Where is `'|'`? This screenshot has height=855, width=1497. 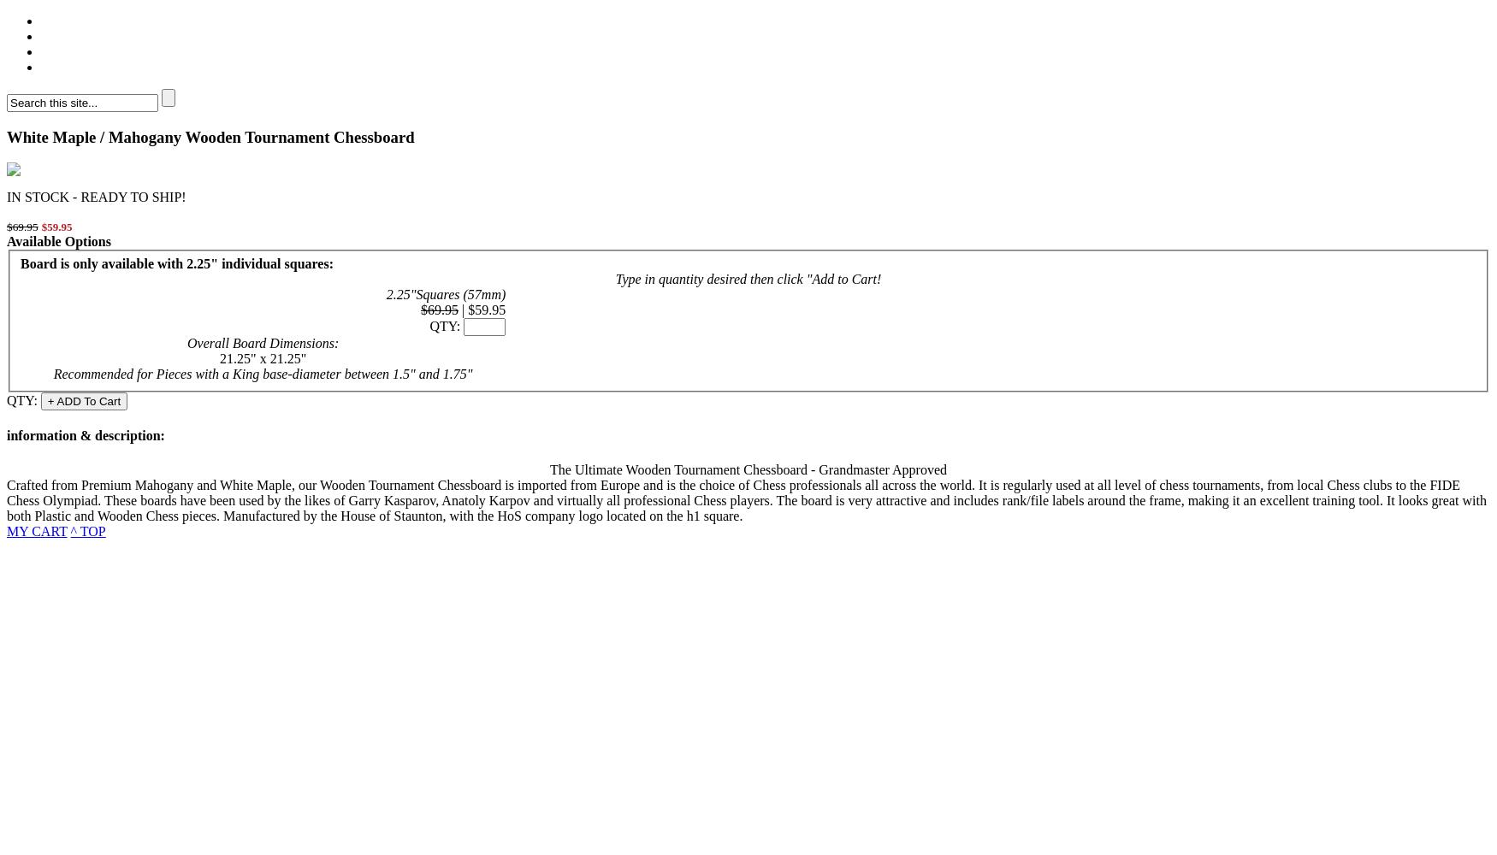 '|' is located at coordinates (462, 309).